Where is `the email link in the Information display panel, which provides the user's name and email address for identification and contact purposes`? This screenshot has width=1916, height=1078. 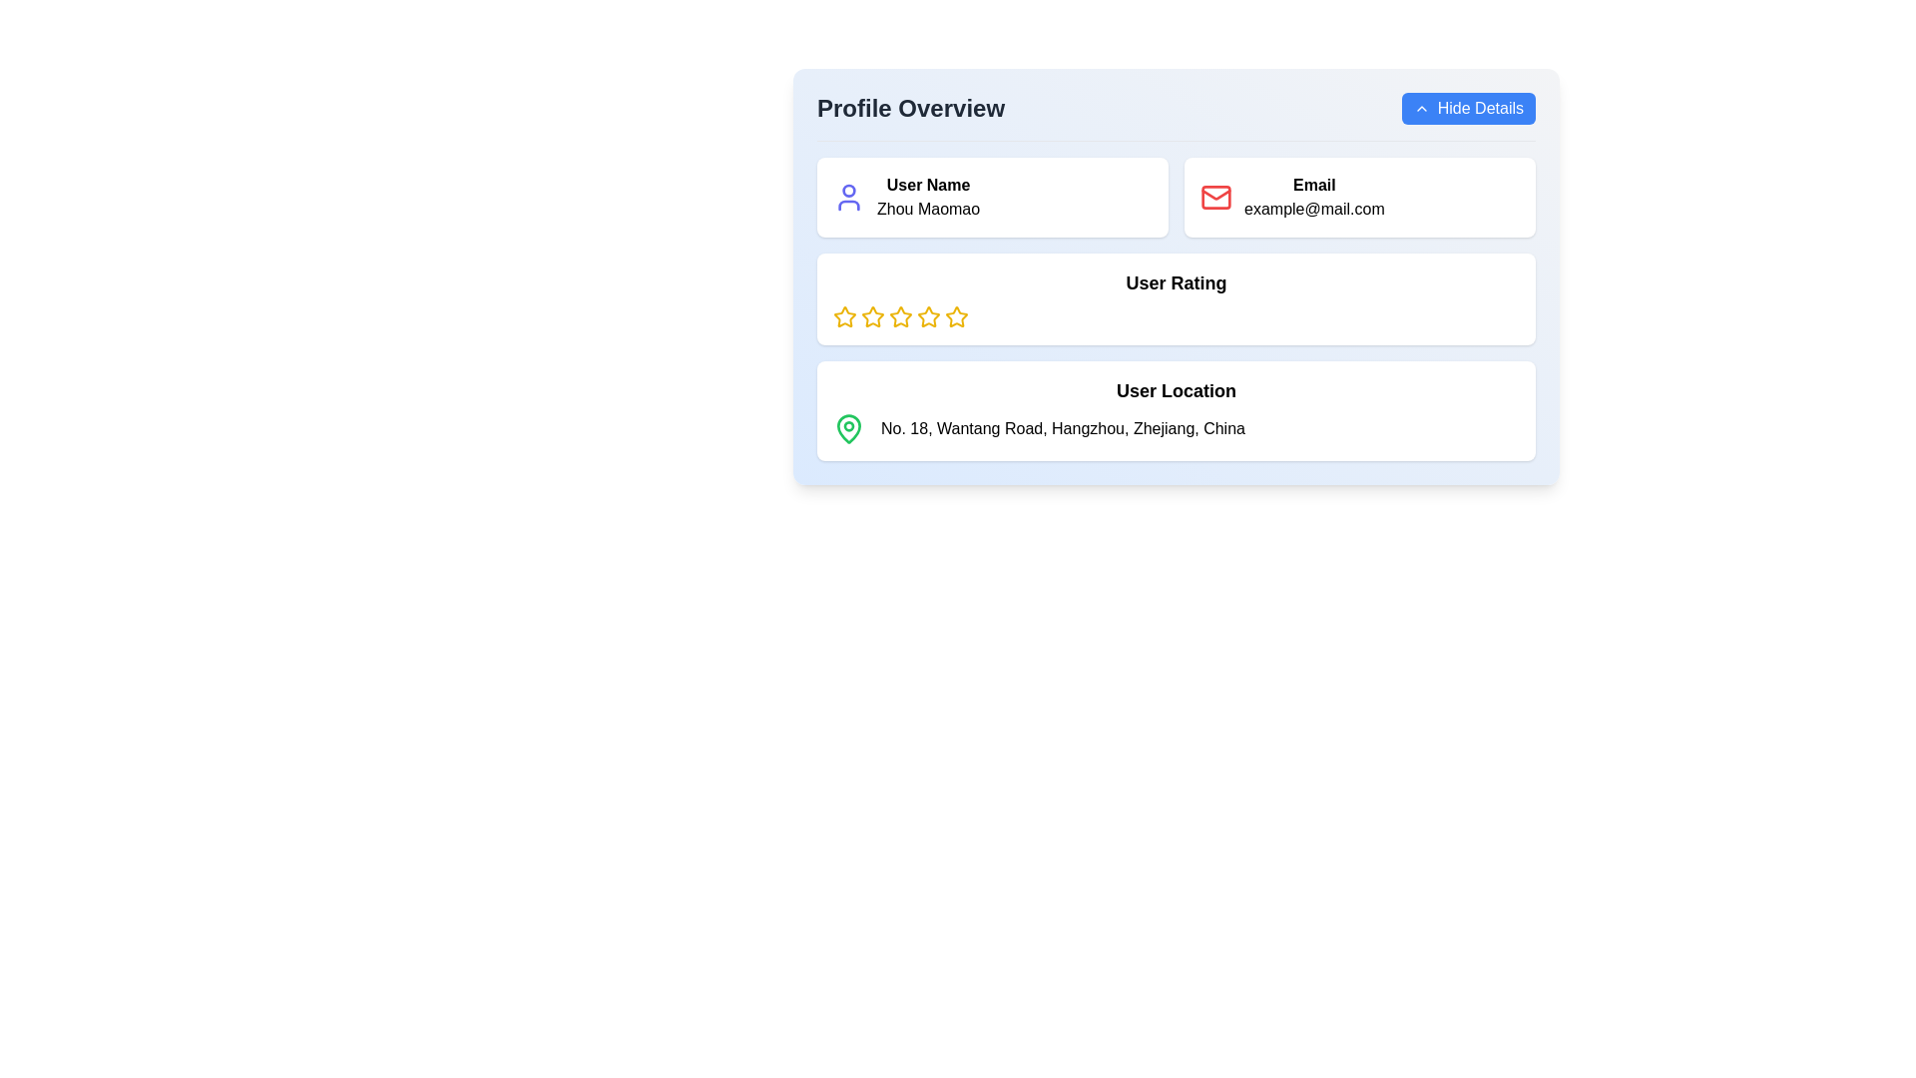
the email link in the Information display panel, which provides the user's name and email address for identification and contact purposes is located at coordinates (1177, 197).